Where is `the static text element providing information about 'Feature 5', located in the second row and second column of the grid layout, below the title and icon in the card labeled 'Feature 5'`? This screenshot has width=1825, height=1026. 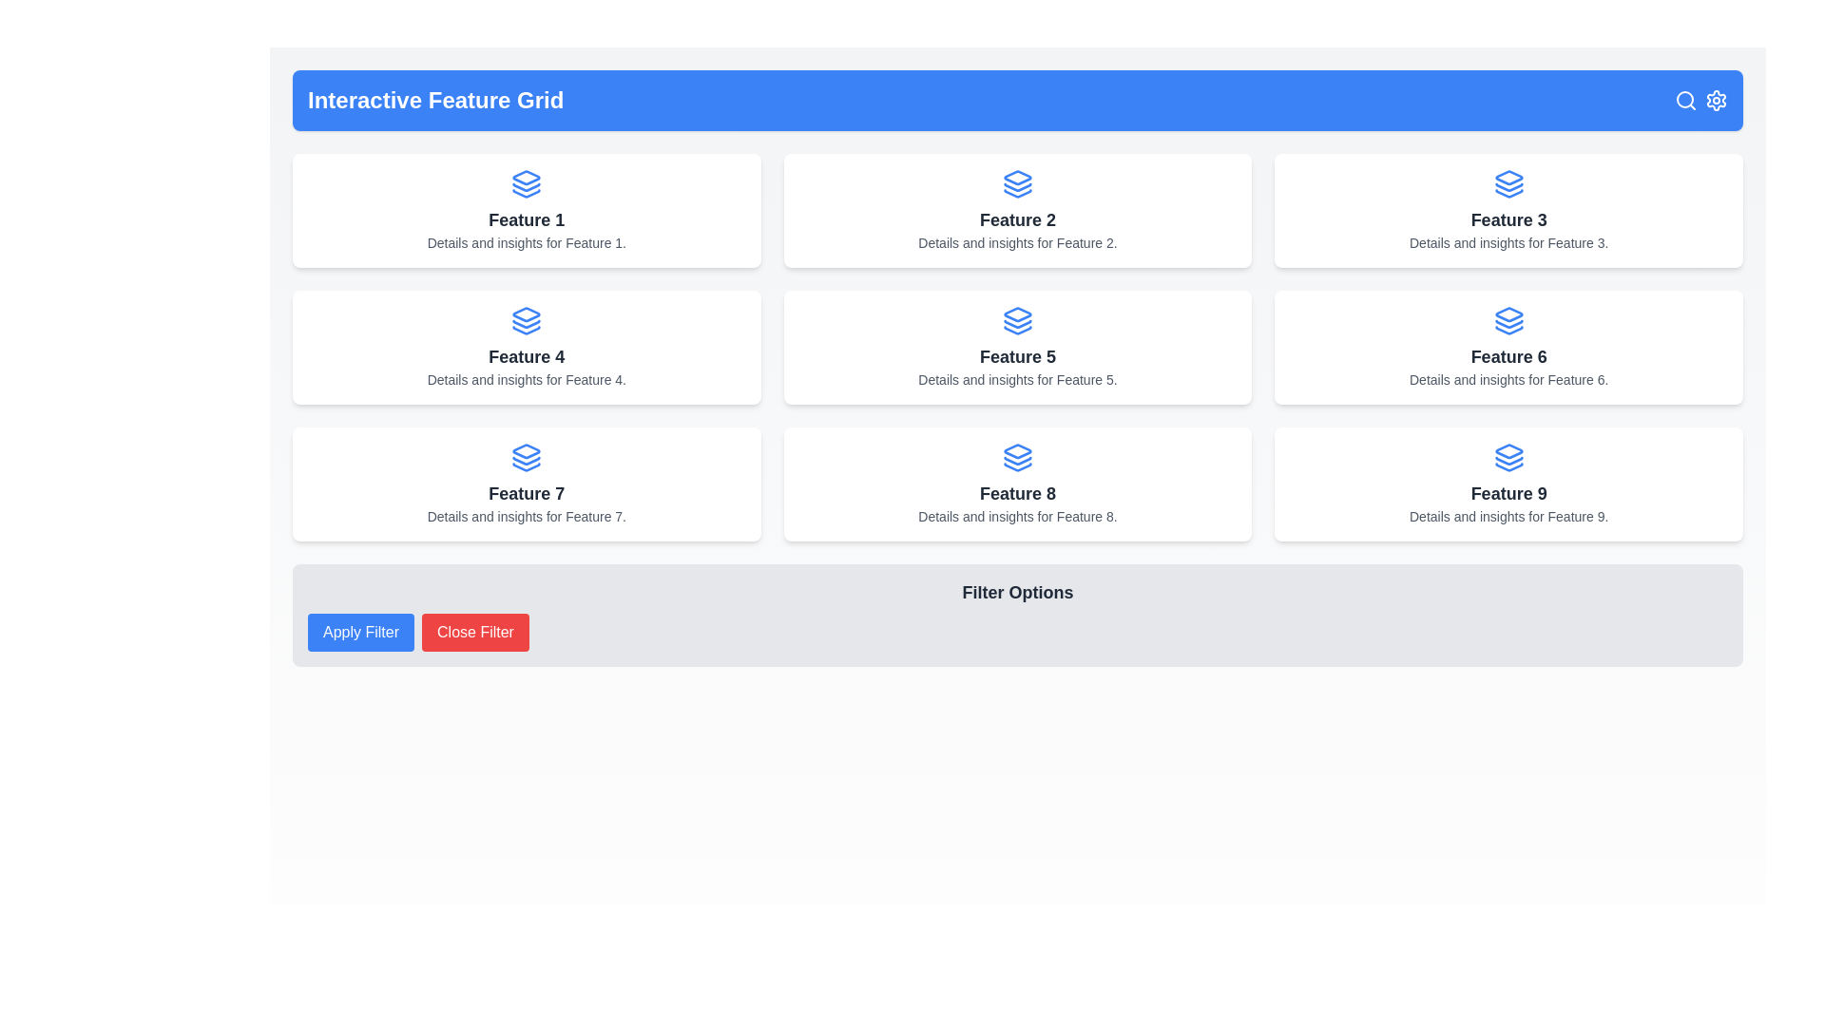 the static text element providing information about 'Feature 5', located in the second row and second column of the grid layout, below the title and icon in the card labeled 'Feature 5' is located at coordinates (1016, 380).